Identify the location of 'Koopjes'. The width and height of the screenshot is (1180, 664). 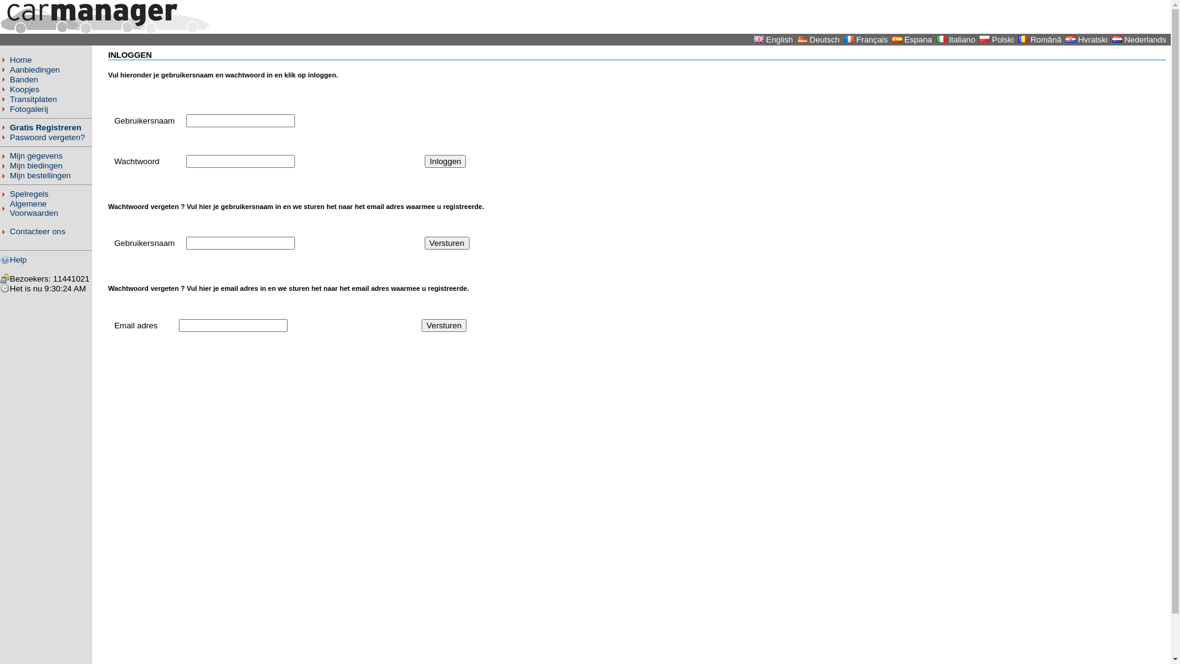
(24, 89).